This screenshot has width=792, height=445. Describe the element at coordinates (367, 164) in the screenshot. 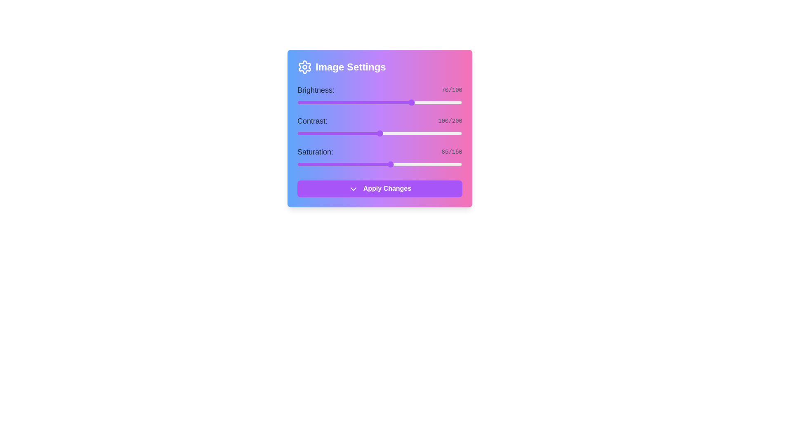

I see `the saturation slider to 64 level` at that location.